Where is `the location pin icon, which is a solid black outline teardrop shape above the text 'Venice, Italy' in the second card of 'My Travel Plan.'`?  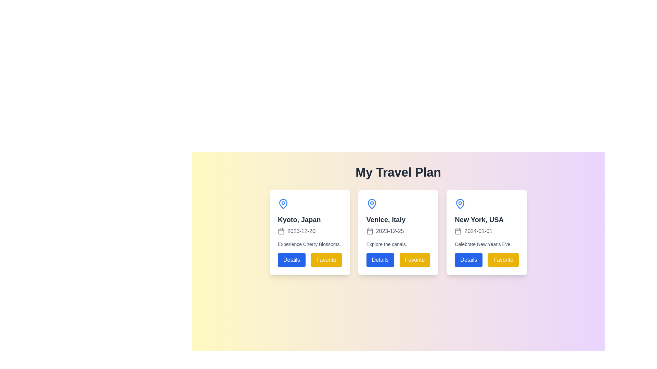
the location pin icon, which is a solid black outline teardrop shape above the text 'Venice, Italy' in the second card of 'My Travel Plan.' is located at coordinates (371, 204).